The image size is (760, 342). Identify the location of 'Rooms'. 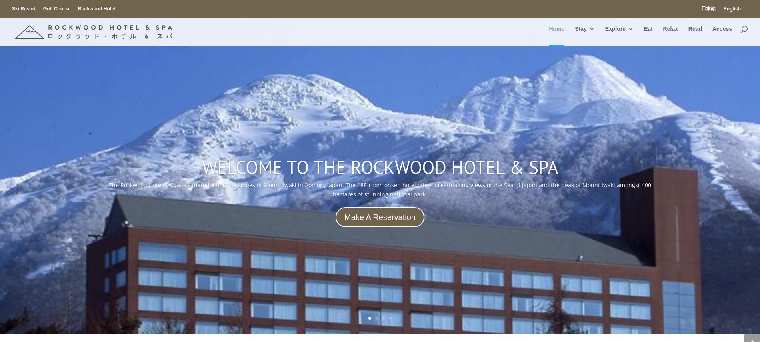
(600, 67).